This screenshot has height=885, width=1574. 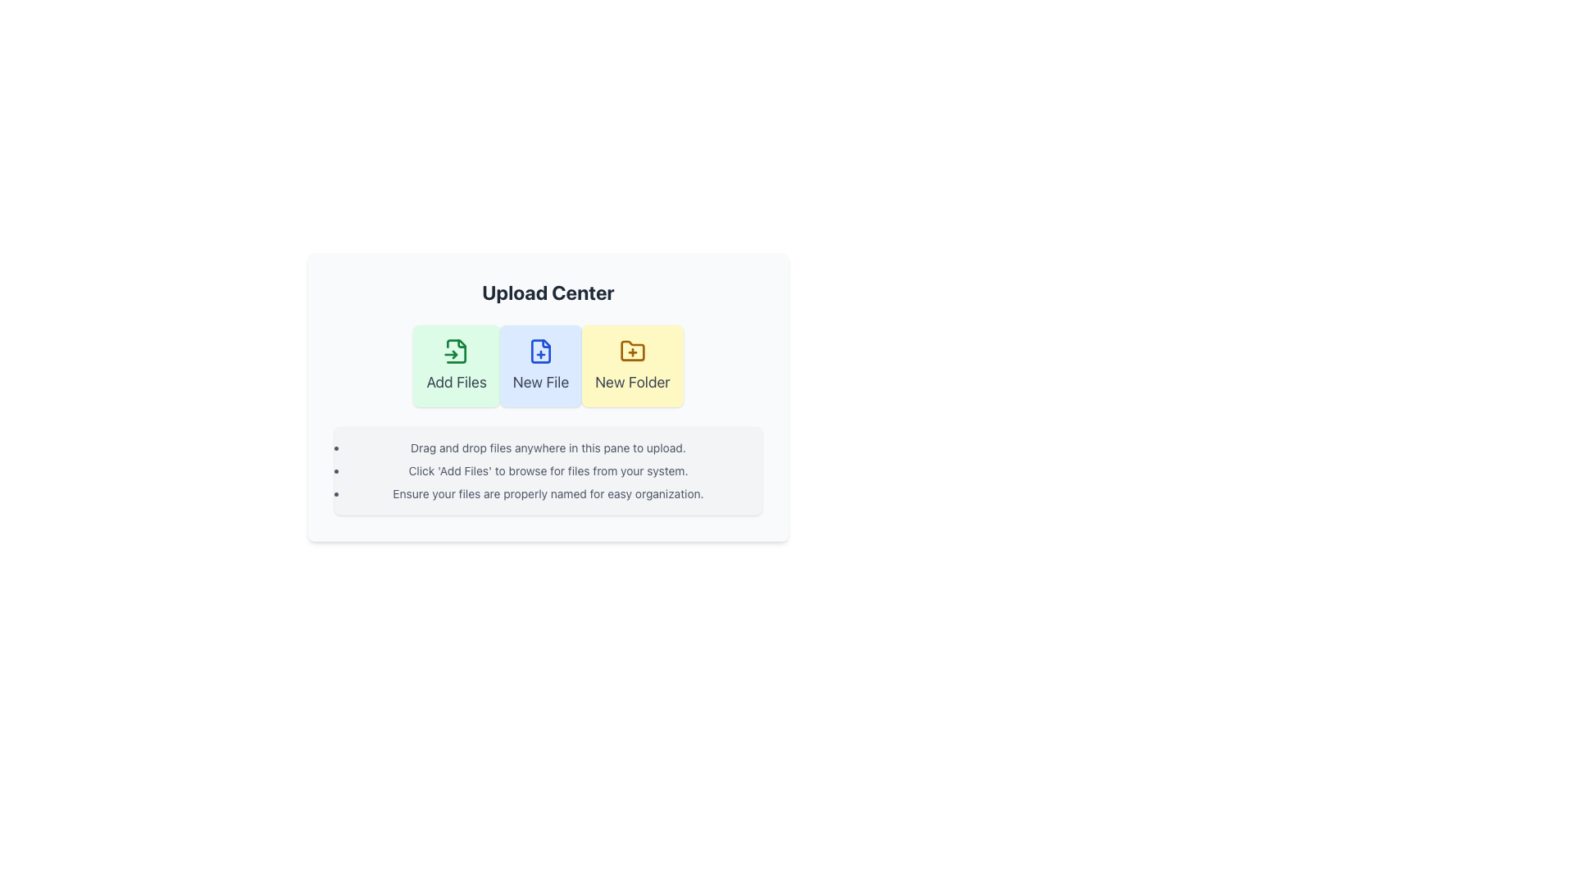 I want to click on the 'New Folder' icon, which visually represents the creation of a new folder and is positioned above the text 'New Folder', so click(x=631, y=350).